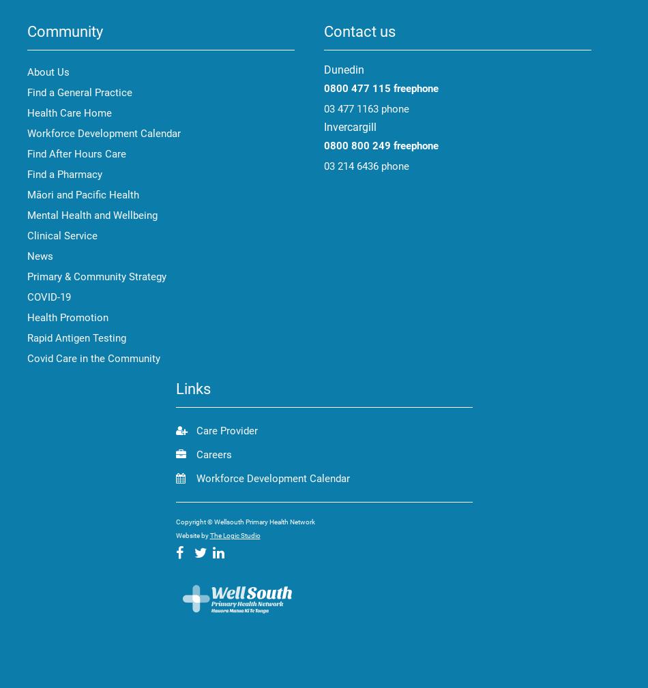 The height and width of the screenshot is (688, 648). Describe the element at coordinates (381, 145) in the screenshot. I see `'0800 800 249 freephone'` at that location.